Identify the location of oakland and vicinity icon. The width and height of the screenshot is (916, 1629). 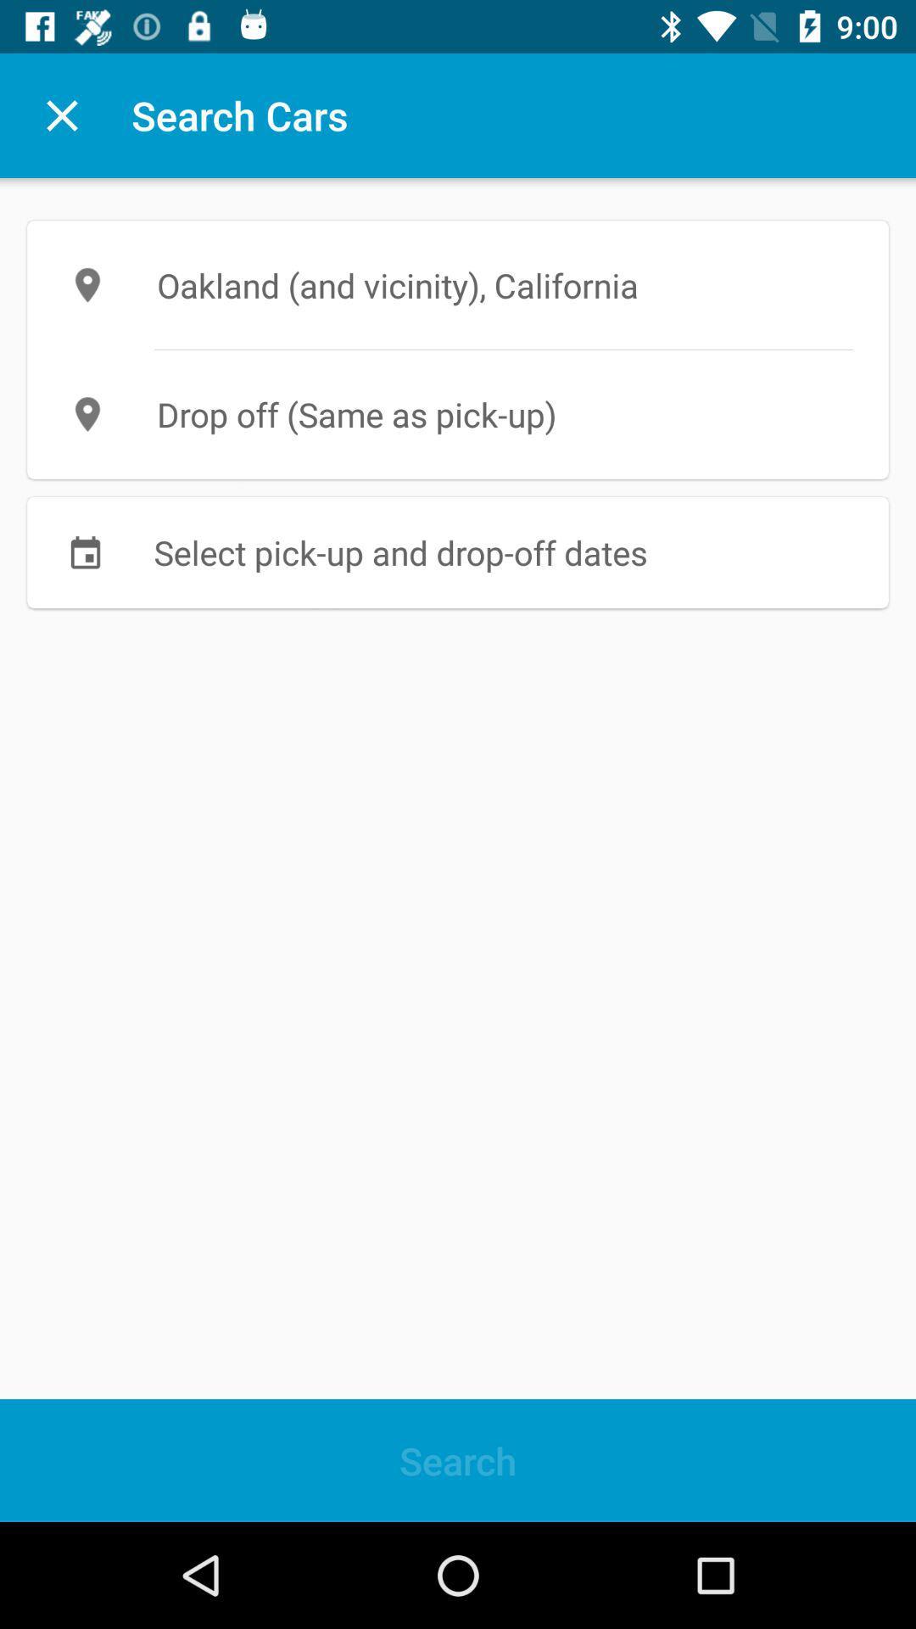
(458, 285).